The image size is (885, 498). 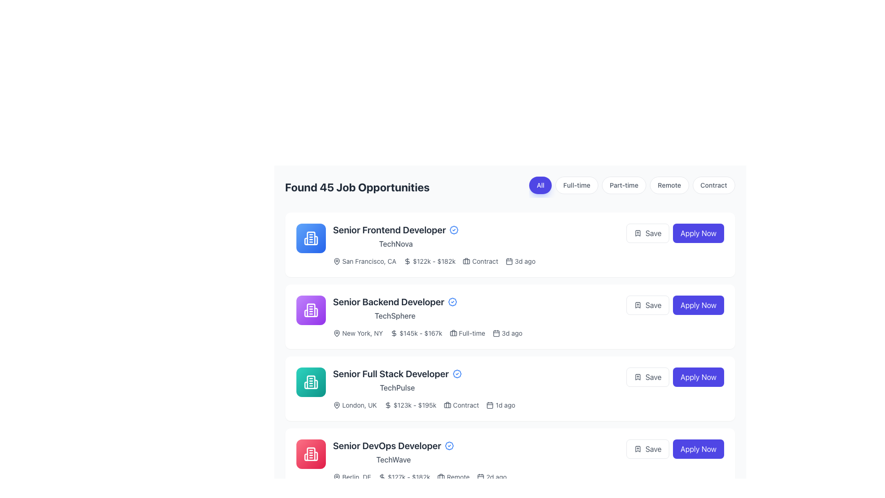 I want to click on the salary range information text label with an icon located under the job title 'Senior DevOps Developer' at TechWave, so click(x=404, y=477).